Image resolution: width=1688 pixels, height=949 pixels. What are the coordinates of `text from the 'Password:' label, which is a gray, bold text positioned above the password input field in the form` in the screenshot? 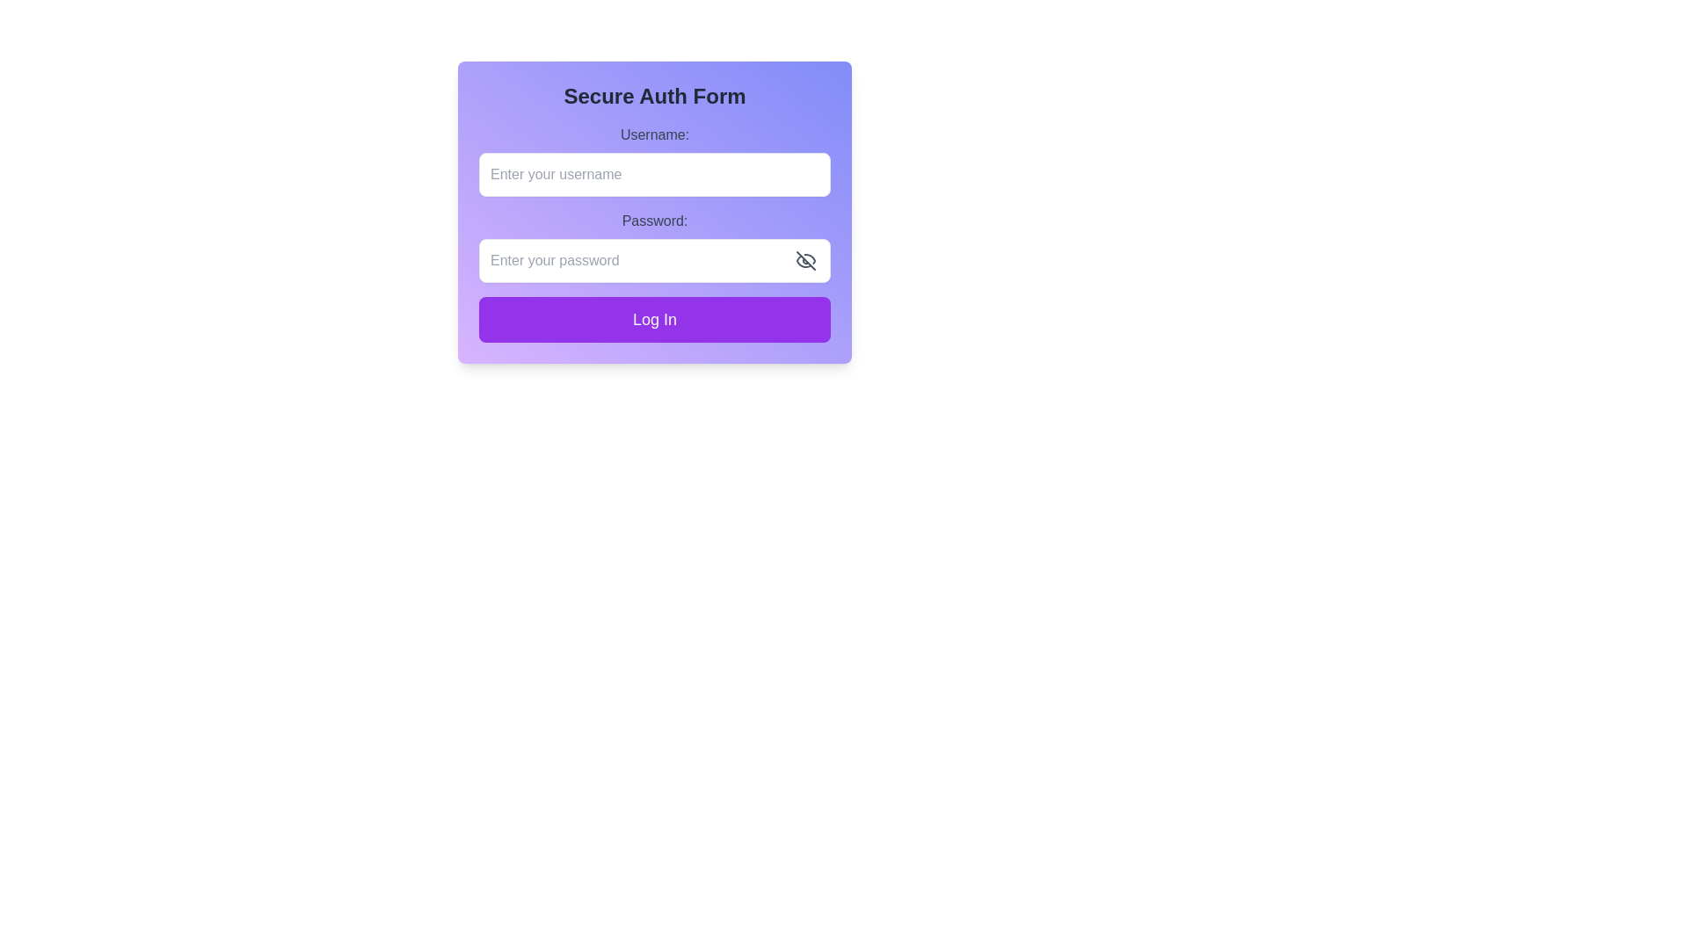 It's located at (653, 220).